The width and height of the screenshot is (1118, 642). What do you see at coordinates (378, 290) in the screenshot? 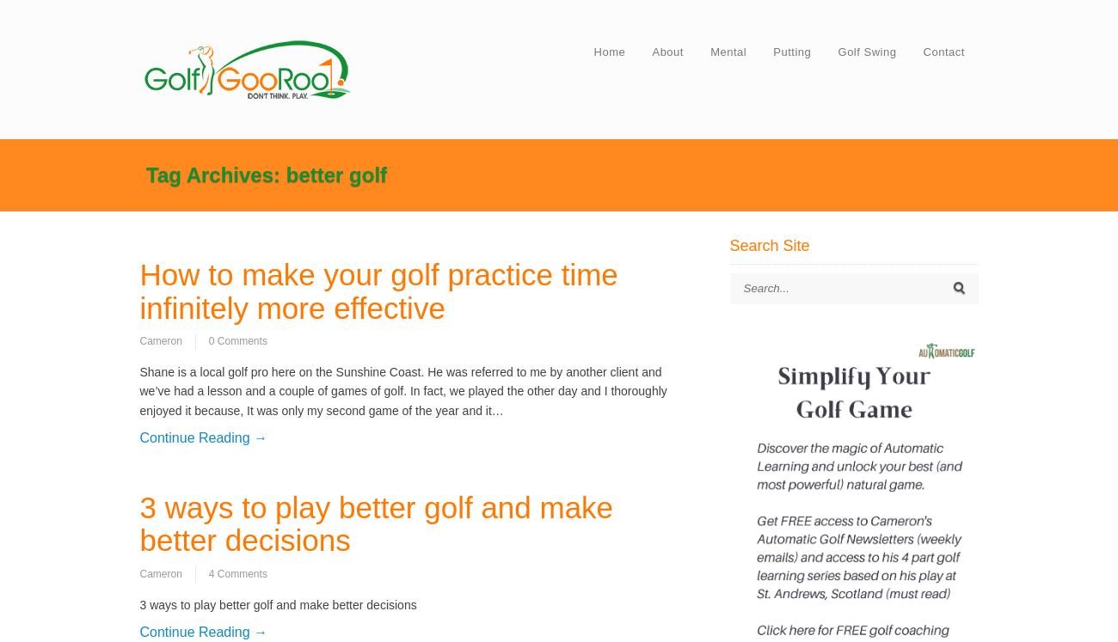
I see `'How to make your golf practice time infinitely more effective'` at bounding box center [378, 290].